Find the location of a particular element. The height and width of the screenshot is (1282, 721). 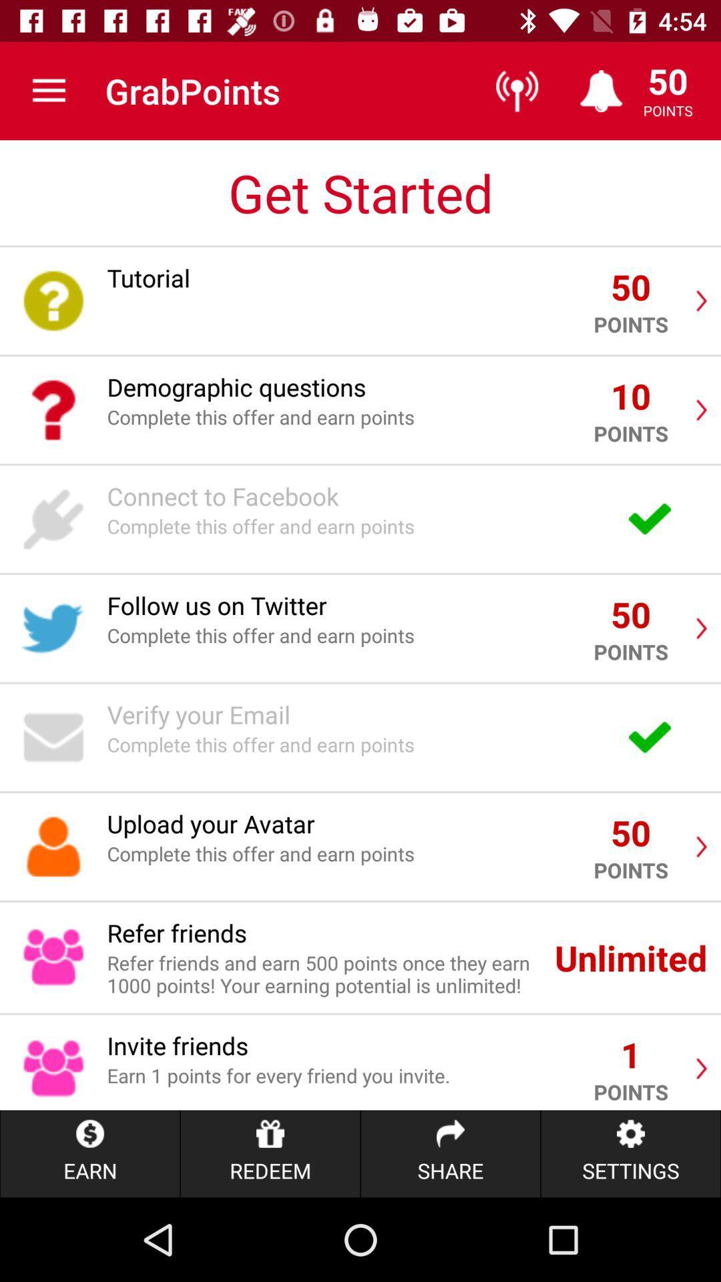

item below points item is located at coordinates (631, 1153).